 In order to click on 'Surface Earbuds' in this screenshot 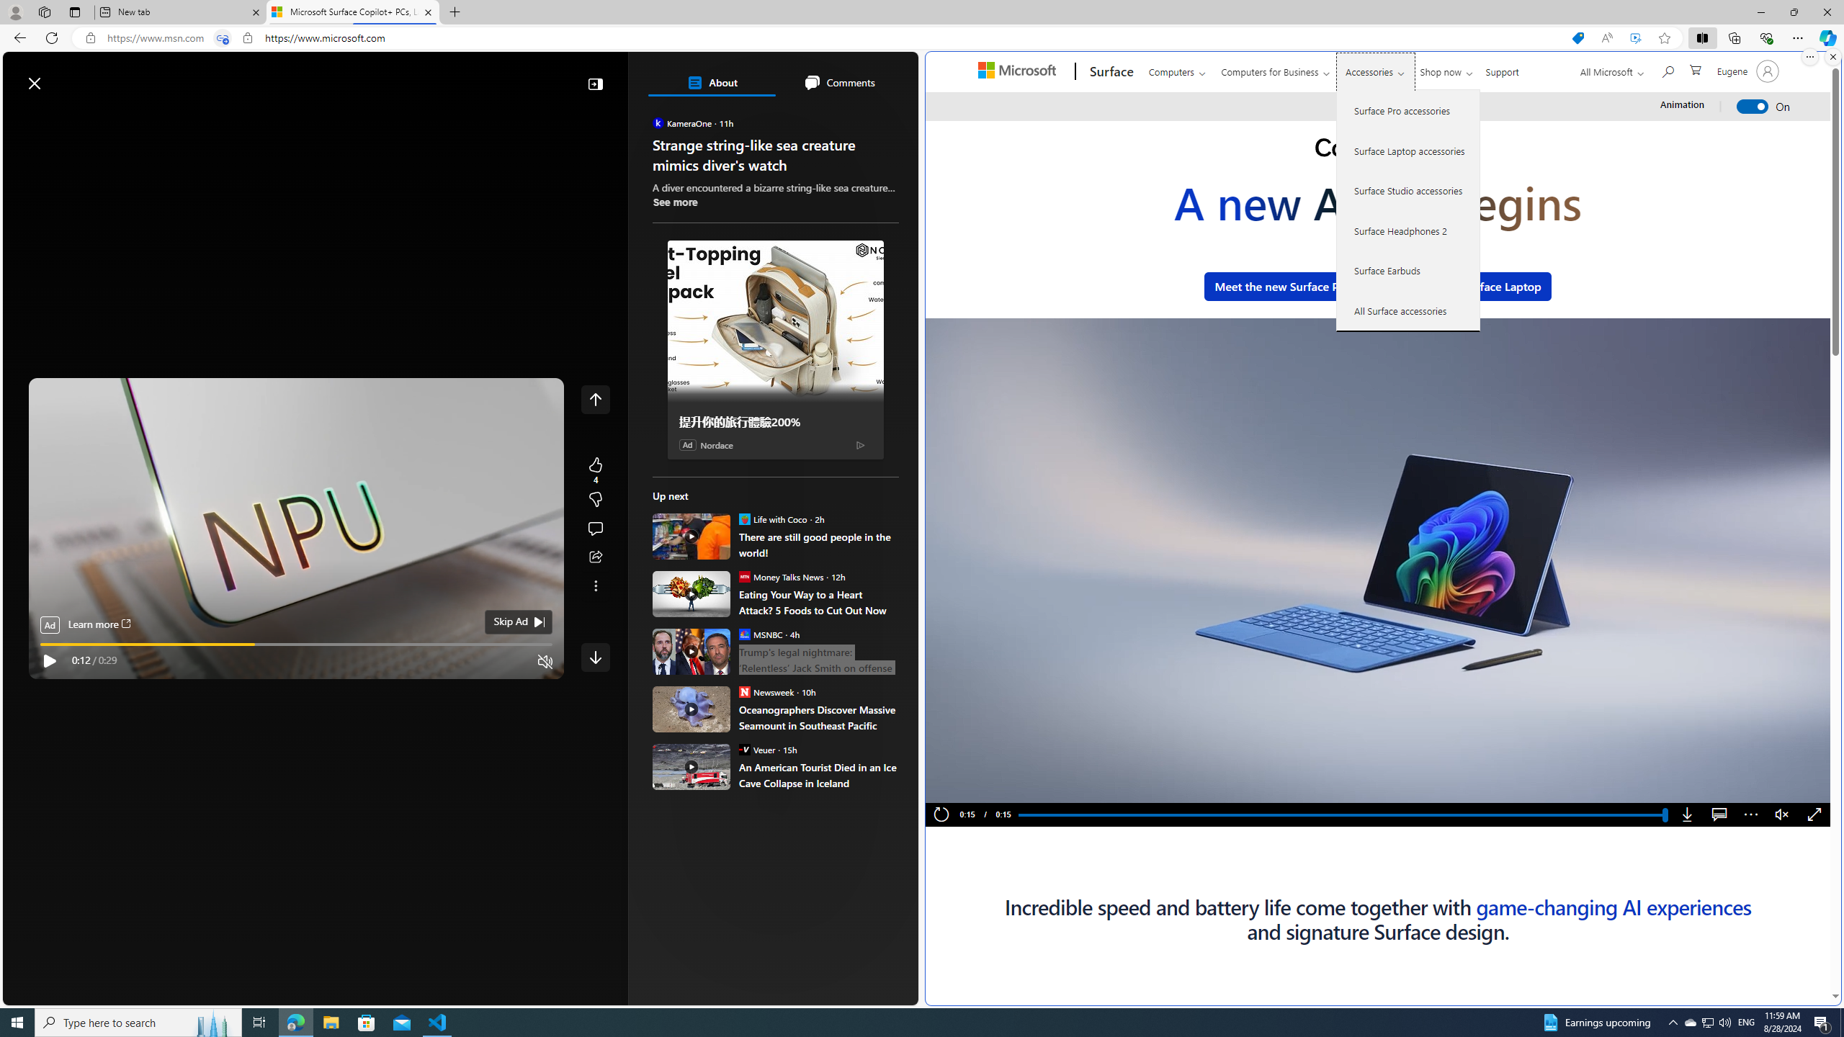, I will do `click(1407, 270)`.